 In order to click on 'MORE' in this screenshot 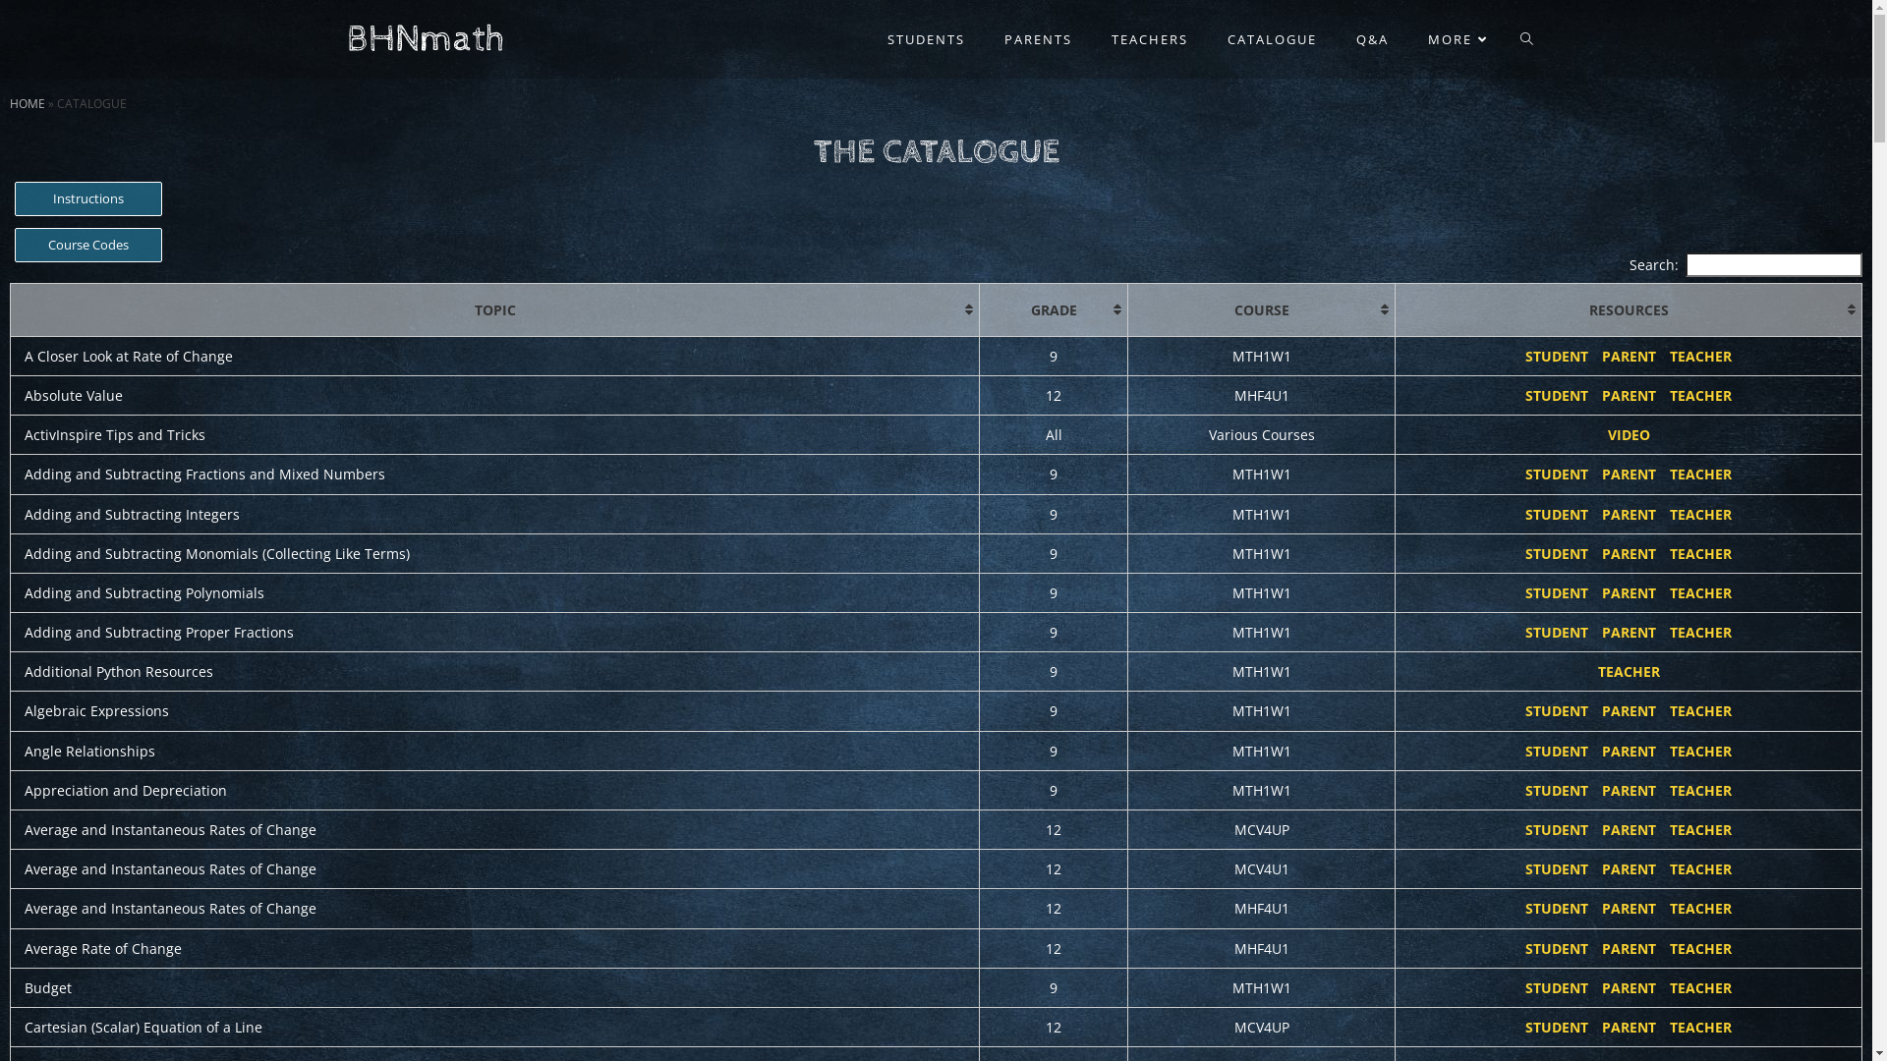, I will do `click(1405, 38)`.